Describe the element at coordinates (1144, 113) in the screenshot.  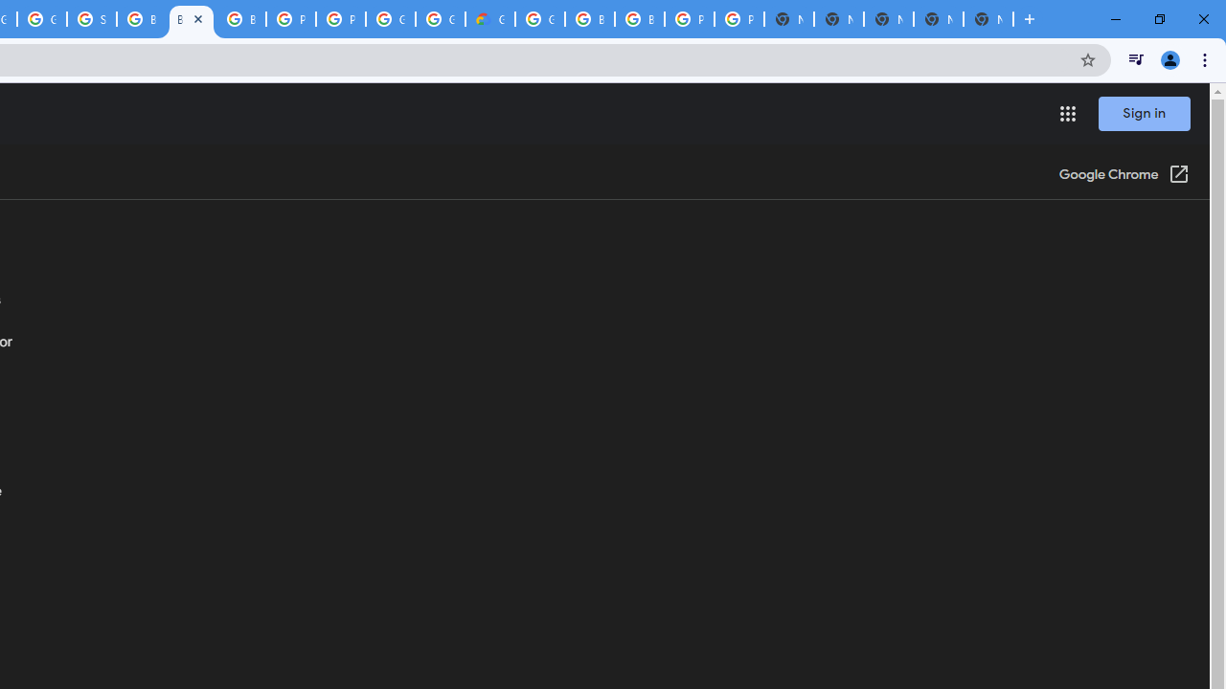
I see `'Sign in'` at that location.